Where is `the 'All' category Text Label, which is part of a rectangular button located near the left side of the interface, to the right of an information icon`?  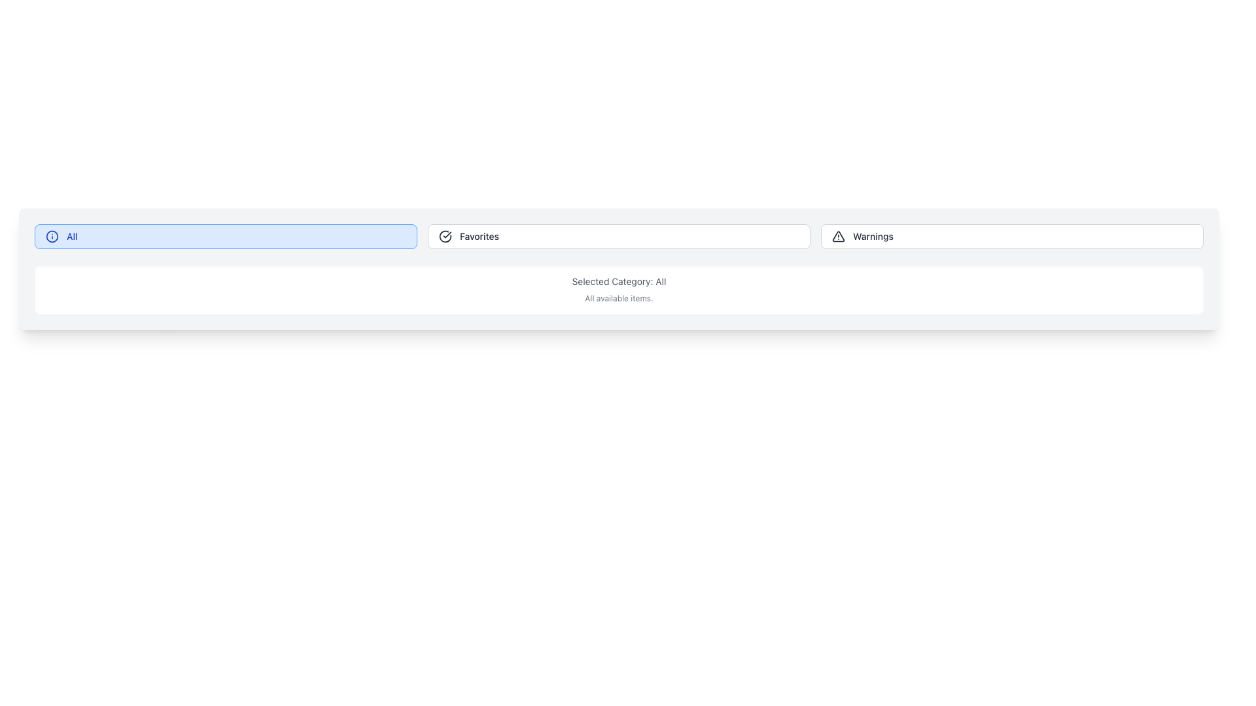
the 'All' category Text Label, which is part of a rectangular button located near the left side of the interface, to the right of an information icon is located at coordinates (71, 237).